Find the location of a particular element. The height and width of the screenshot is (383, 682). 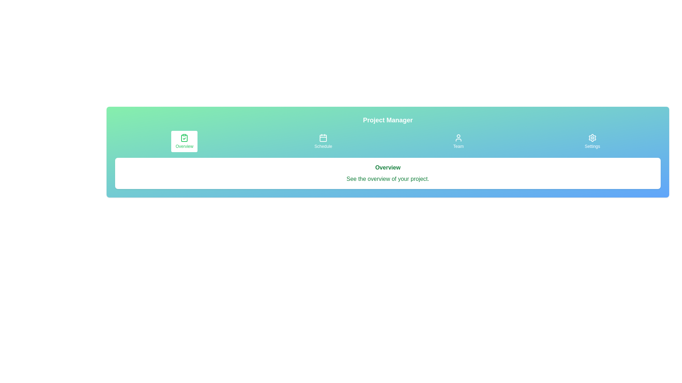

the gear-shaped icon with a gradient blue background labeled 'Settings' is located at coordinates (592, 138).